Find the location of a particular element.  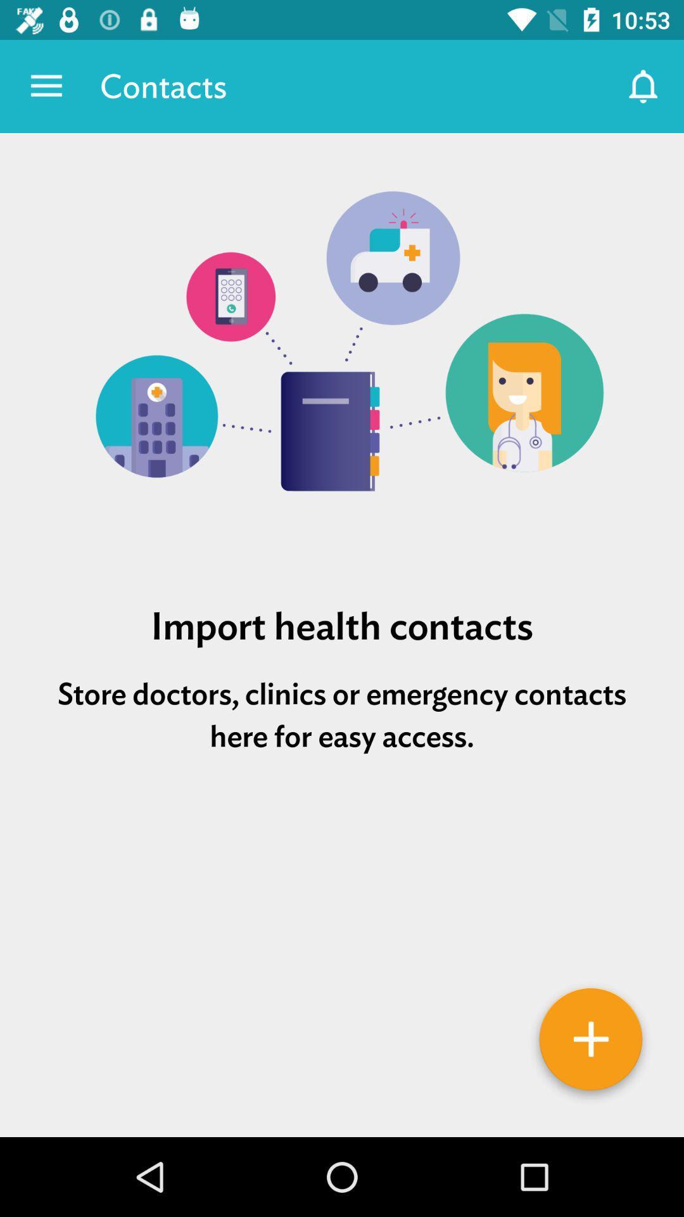

the store doctors clinics item is located at coordinates (342, 715).